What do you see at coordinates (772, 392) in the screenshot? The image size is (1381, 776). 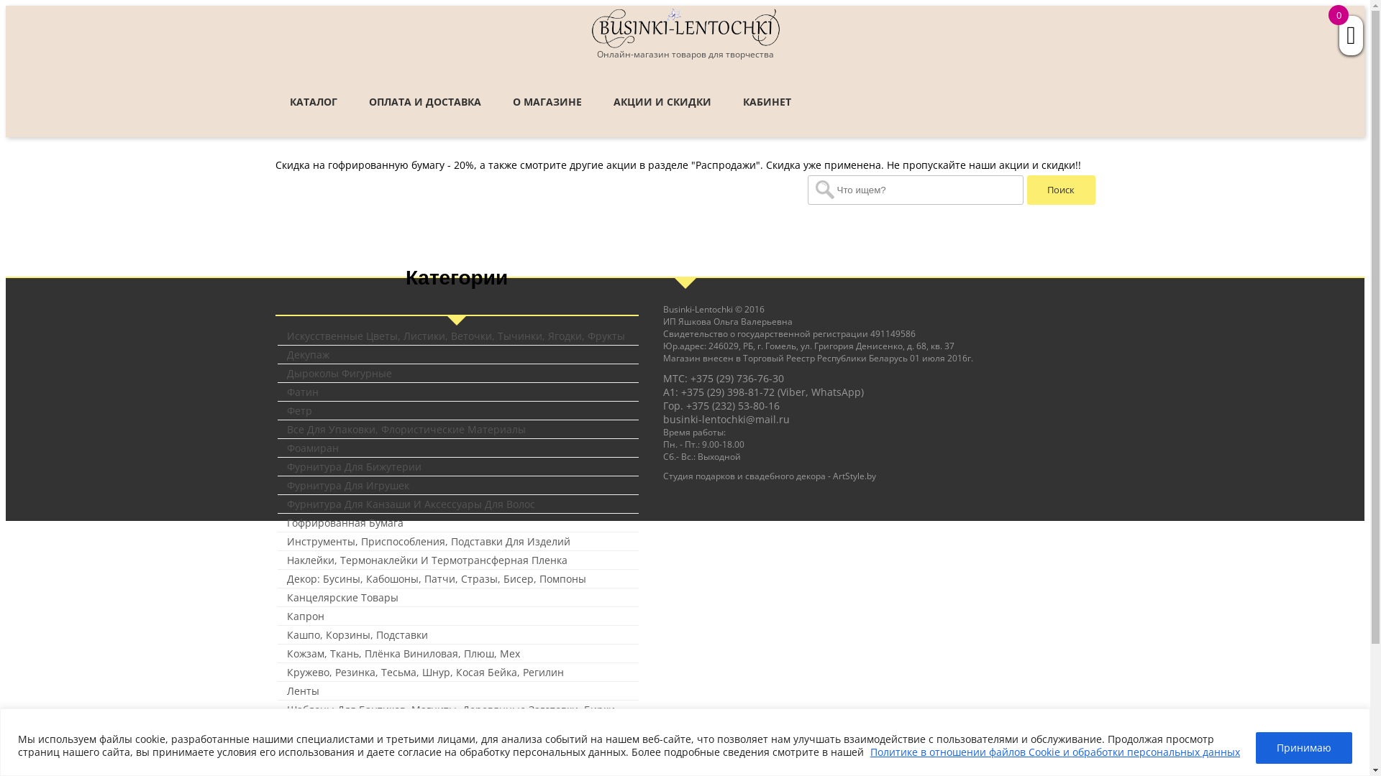 I see `'+375 (29) 398-81-72 (Viber, WhatsApp)'` at bounding box center [772, 392].